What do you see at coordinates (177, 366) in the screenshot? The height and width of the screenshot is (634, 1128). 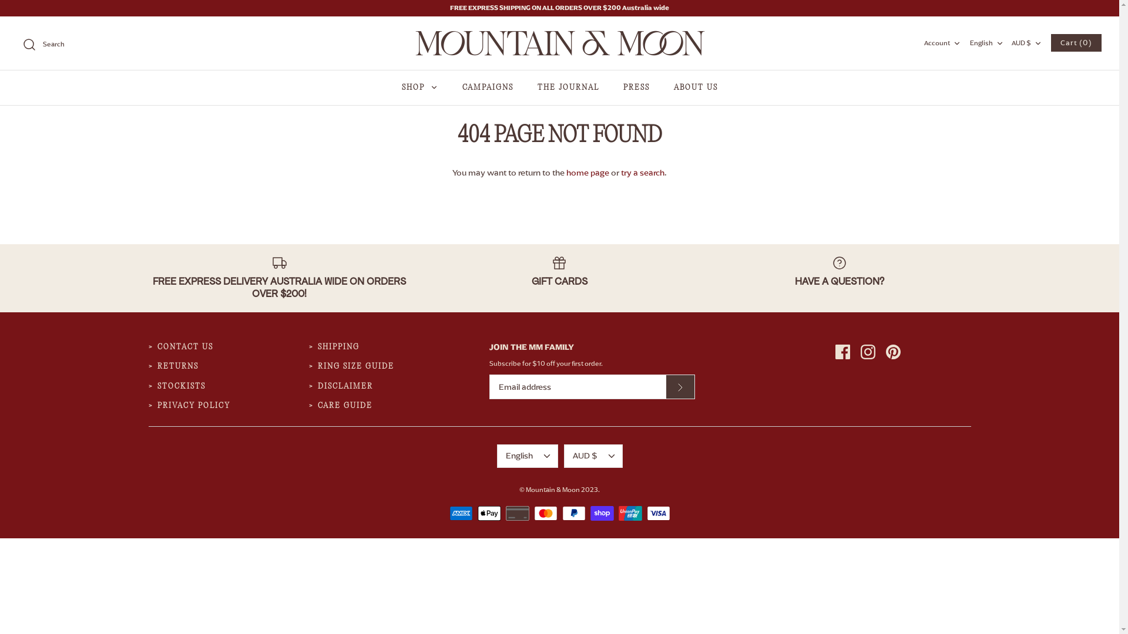 I see `'RETURNS'` at bounding box center [177, 366].